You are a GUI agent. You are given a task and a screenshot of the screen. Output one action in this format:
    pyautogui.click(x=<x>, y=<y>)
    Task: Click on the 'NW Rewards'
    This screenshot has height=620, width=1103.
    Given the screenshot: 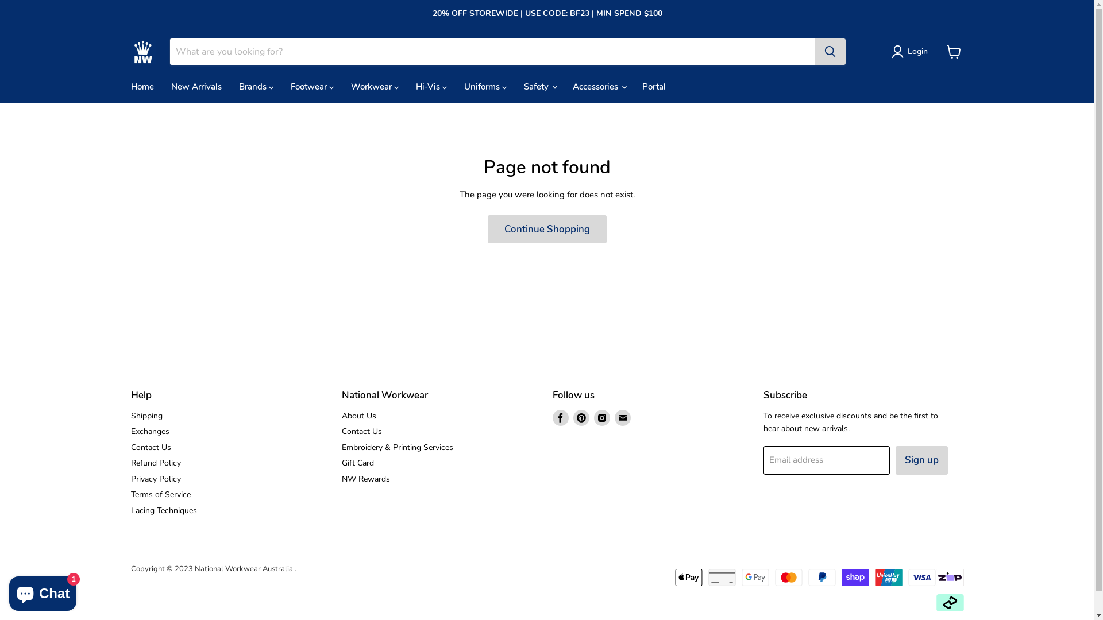 What is the action you would take?
    pyautogui.click(x=341, y=479)
    